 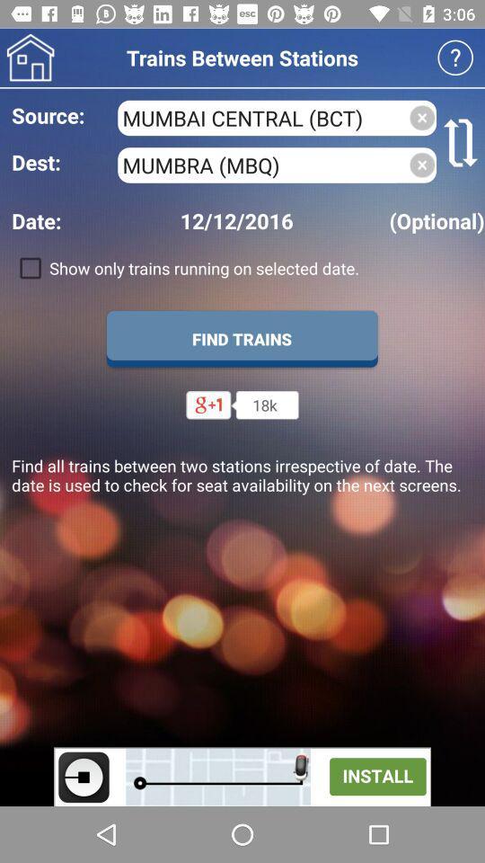 I want to click on delete, so click(x=422, y=165).